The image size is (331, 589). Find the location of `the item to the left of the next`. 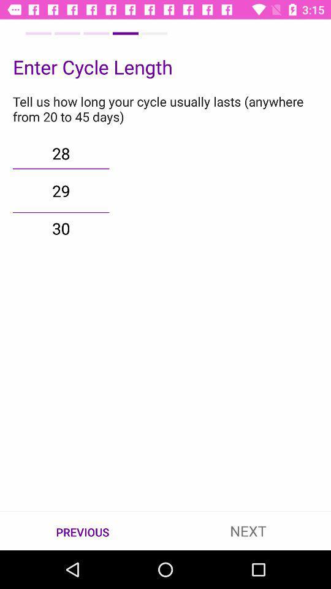

the item to the left of the next is located at coordinates (83, 531).